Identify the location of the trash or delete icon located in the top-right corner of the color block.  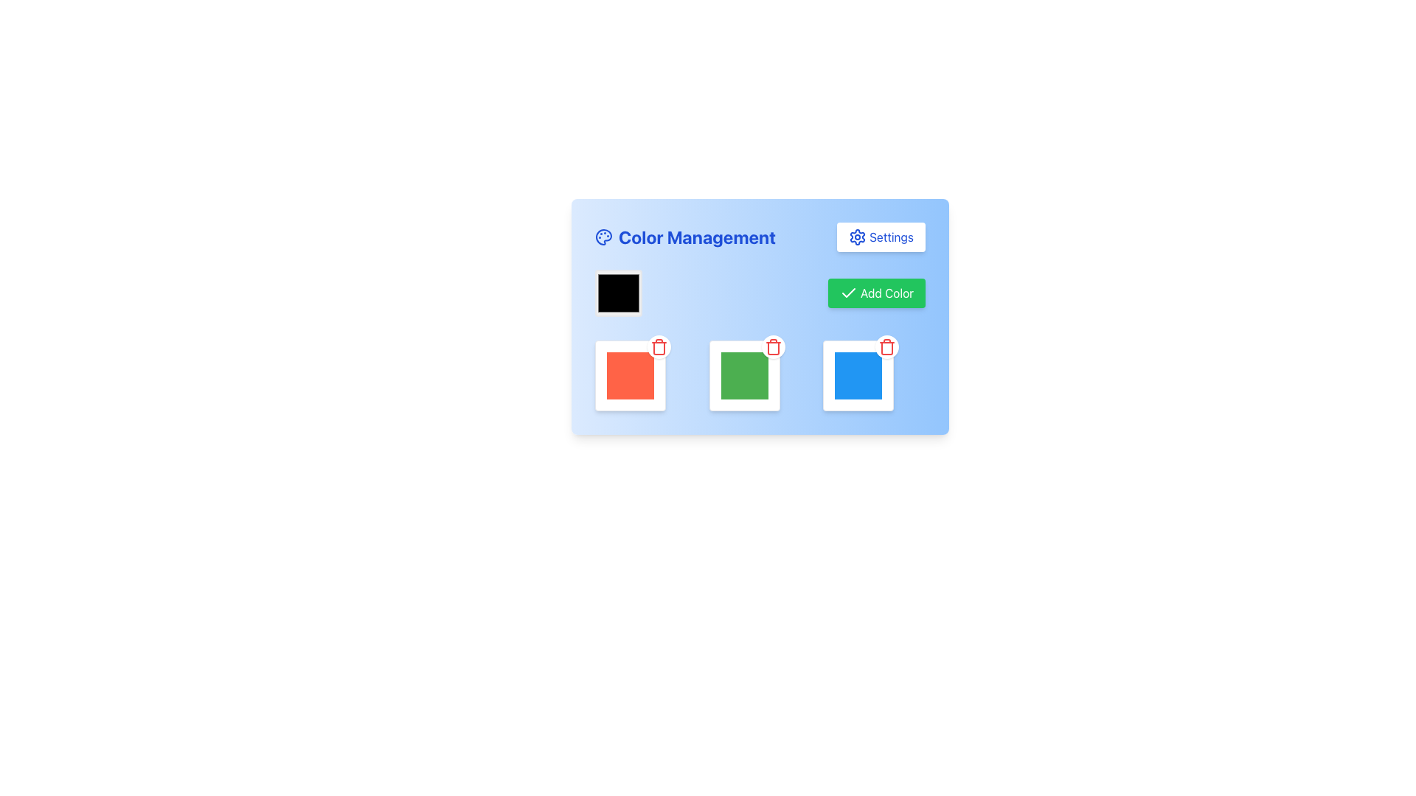
(886, 349).